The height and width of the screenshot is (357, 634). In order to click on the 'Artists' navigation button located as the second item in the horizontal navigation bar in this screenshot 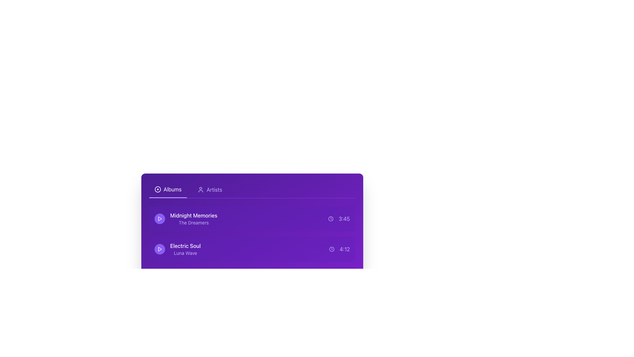, I will do `click(209, 190)`.